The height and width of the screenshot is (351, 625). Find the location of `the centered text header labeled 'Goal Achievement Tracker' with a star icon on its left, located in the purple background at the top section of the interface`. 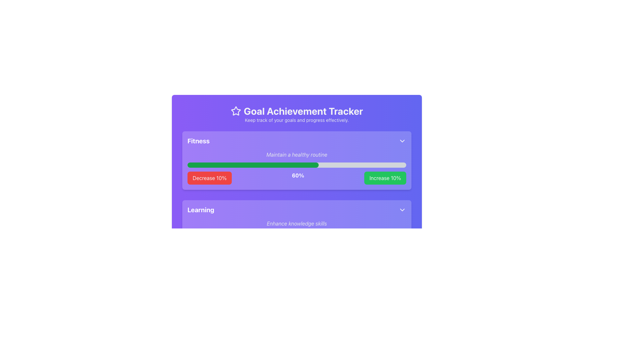

the centered text header labeled 'Goal Achievement Tracker' with a star icon on its left, located in the purple background at the top section of the interface is located at coordinates (297, 111).